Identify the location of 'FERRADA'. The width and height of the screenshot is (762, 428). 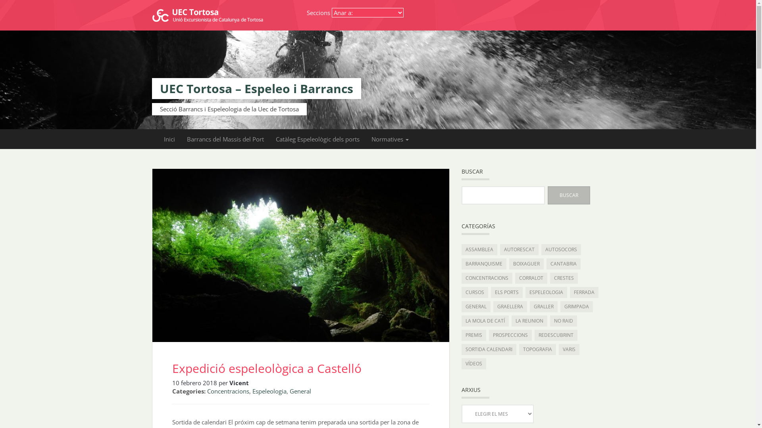
(569, 292).